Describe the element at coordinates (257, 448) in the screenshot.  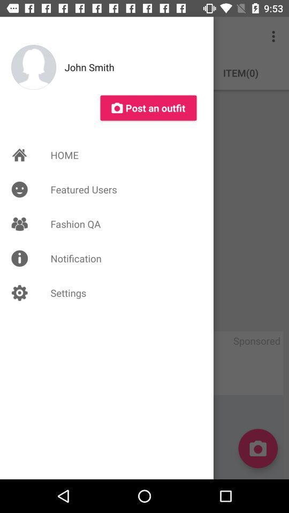
I see `the photo icon` at that location.